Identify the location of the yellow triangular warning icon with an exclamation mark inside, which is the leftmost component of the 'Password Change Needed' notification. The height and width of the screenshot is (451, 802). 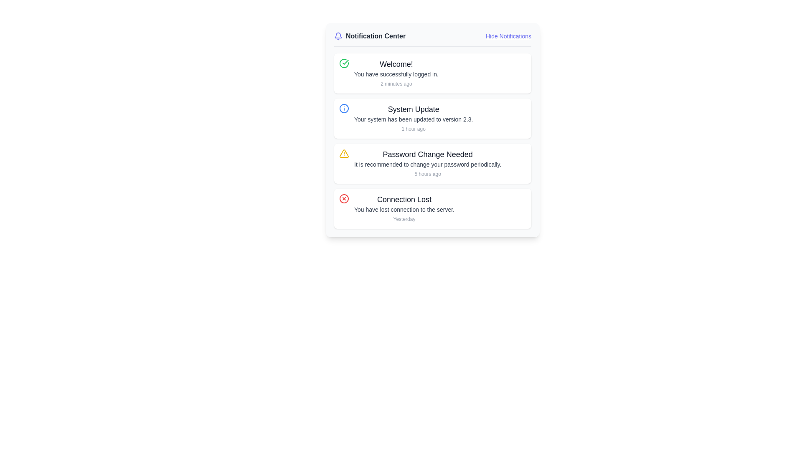
(344, 153).